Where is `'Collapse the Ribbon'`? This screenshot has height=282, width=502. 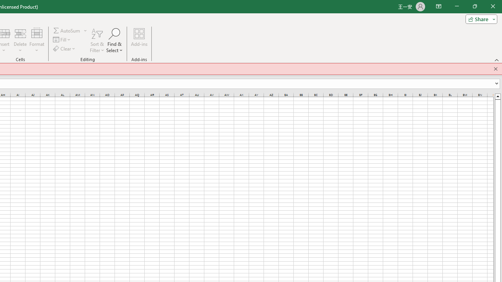 'Collapse the Ribbon' is located at coordinates (497, 60).